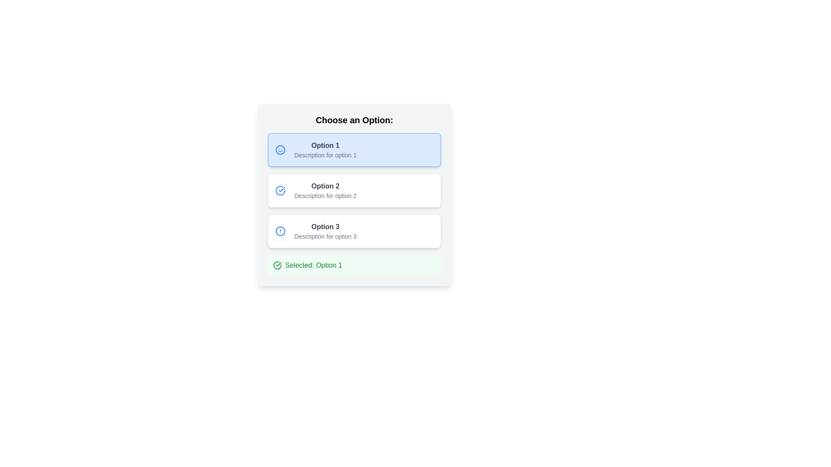 This screenshot has height=467, width=831. I want to click on the selectable list item for 'Option 3', so click(325, 231).